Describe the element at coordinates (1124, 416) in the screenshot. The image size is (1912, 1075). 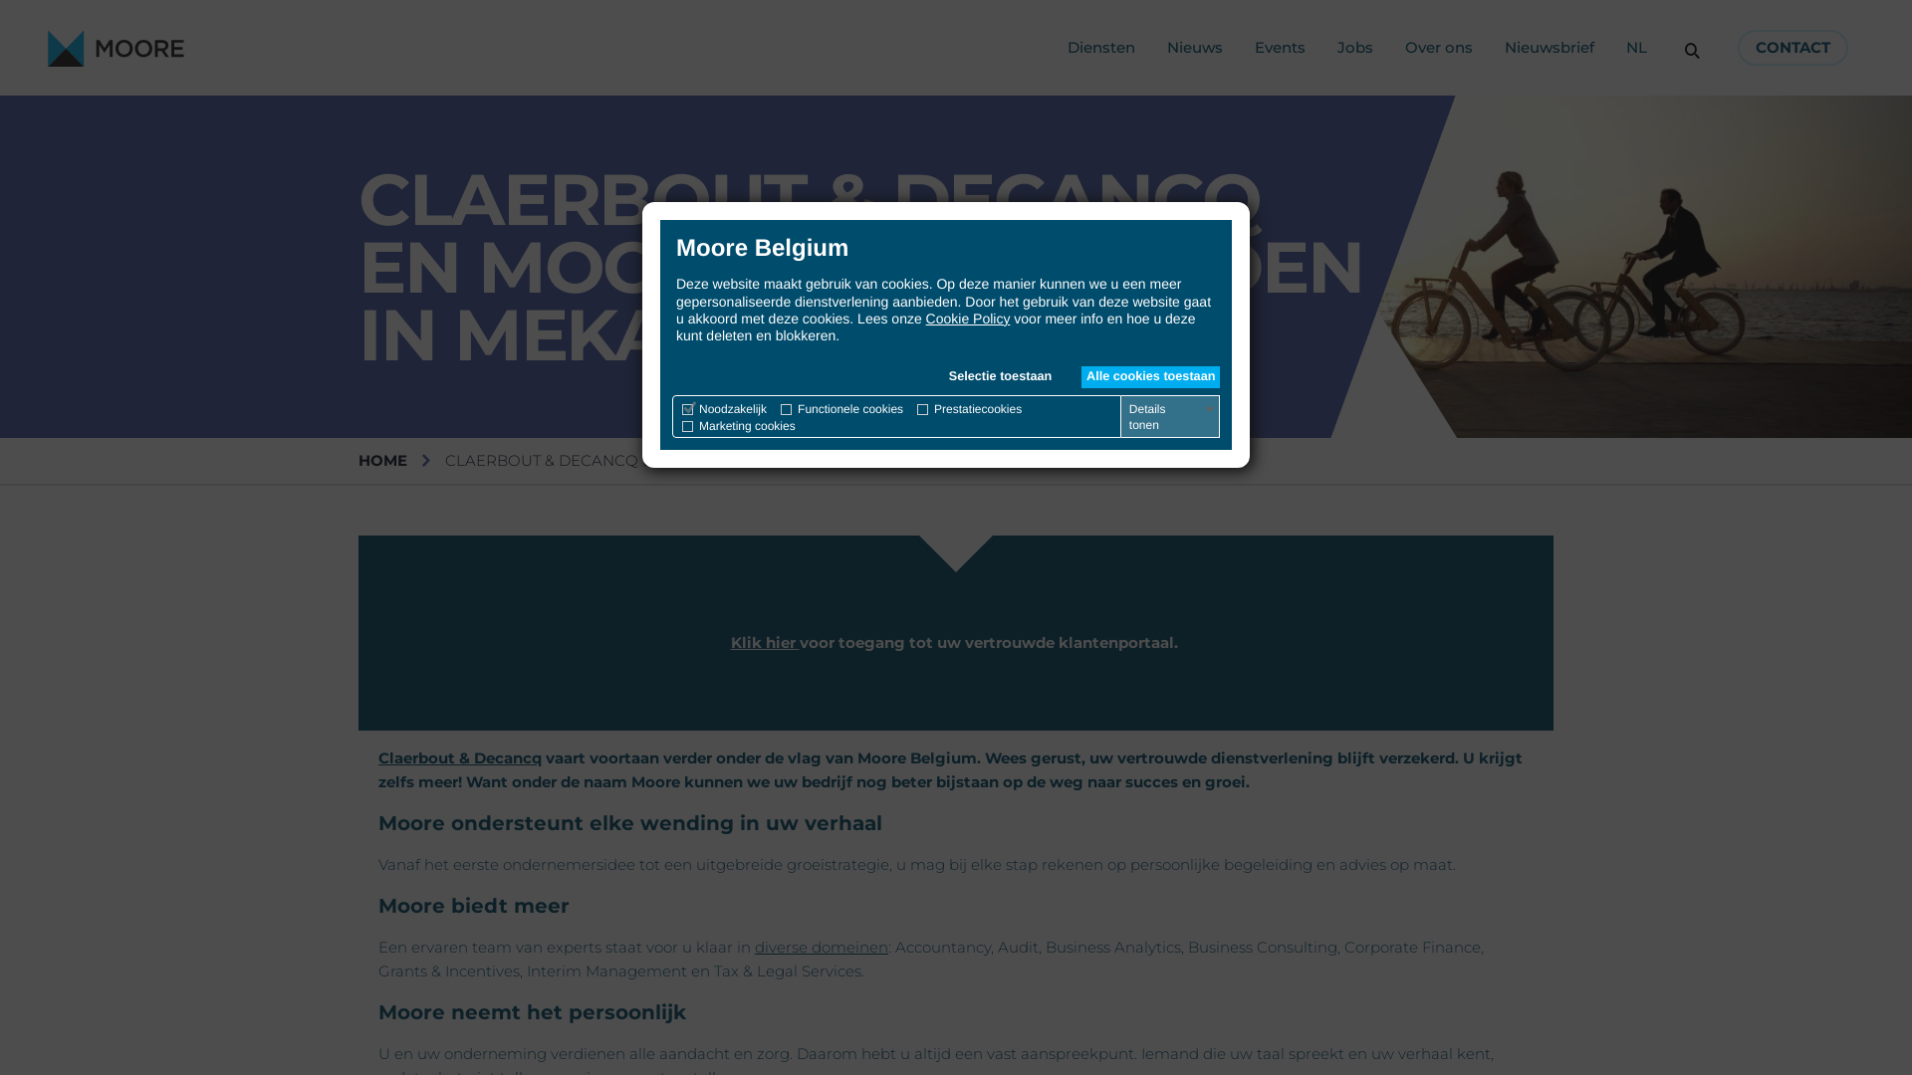
I see `'Details tonen'` at that location.